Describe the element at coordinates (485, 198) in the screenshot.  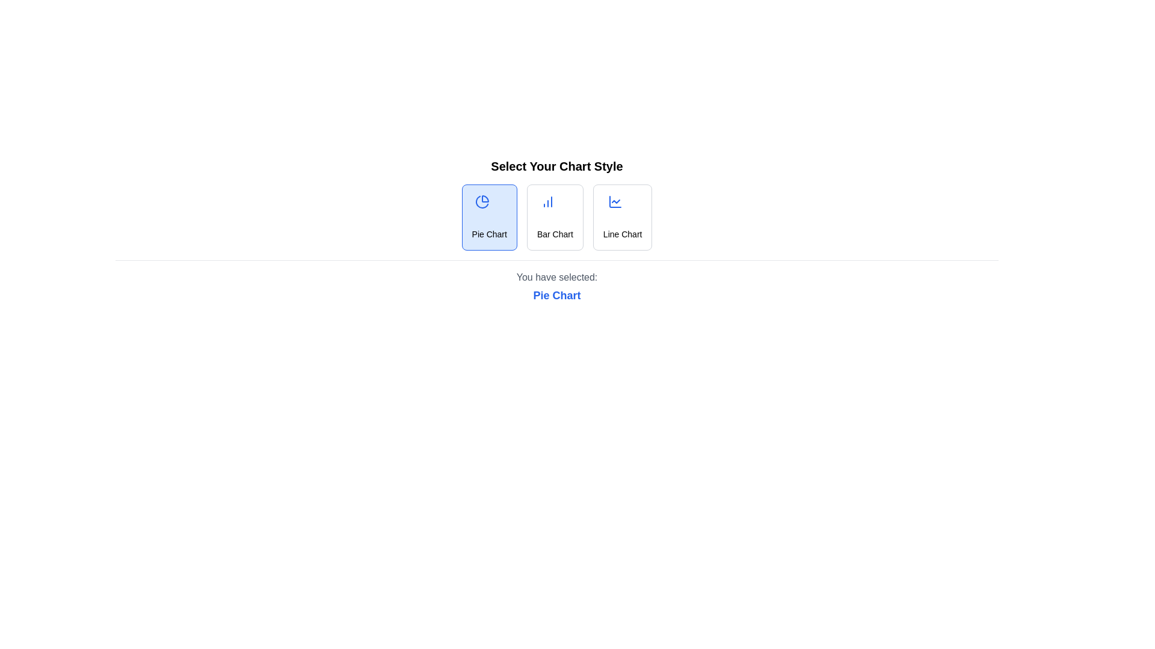
I see `the pie segment icon located on the top right of the pie chart icon, which visually represents part of the pie chart` at that location.